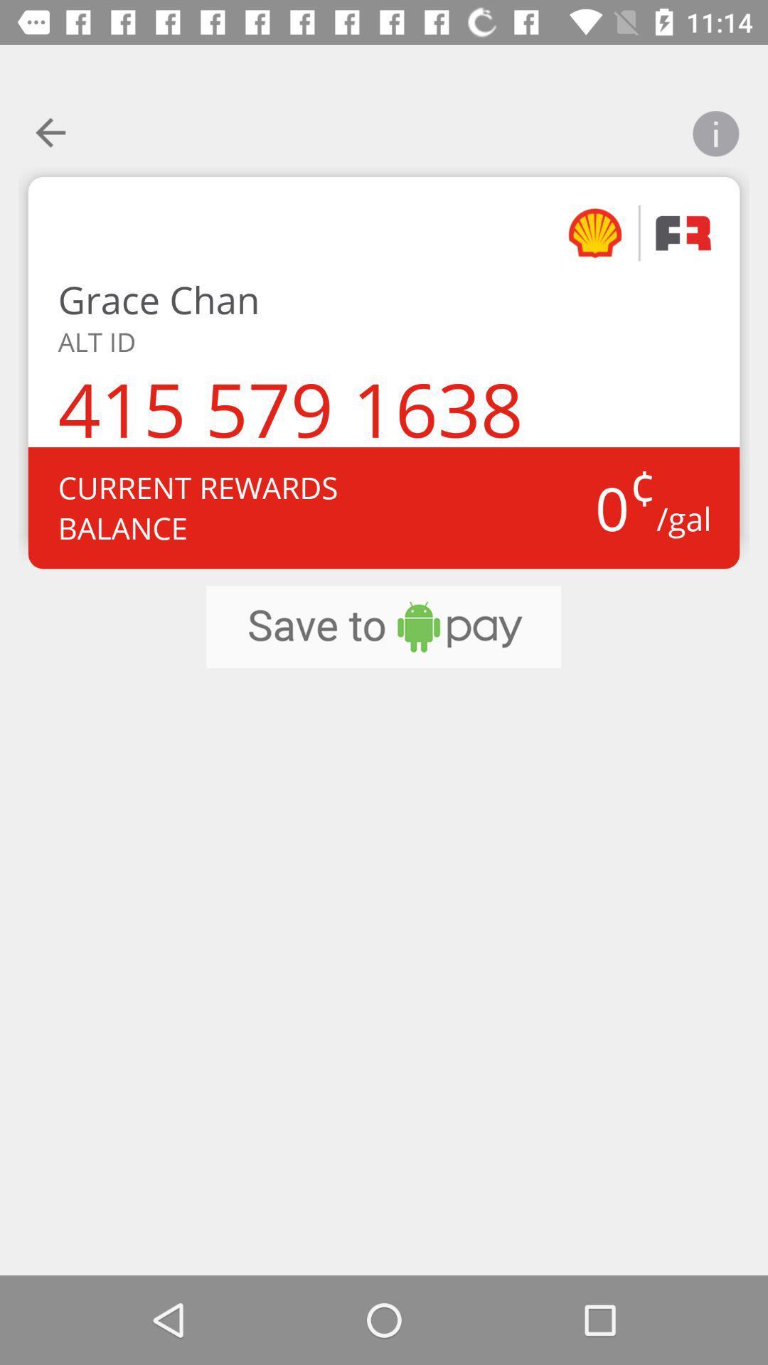  Describe the element at coordinates (715, 124) in the screenshot. I see `tooltip` at that location.